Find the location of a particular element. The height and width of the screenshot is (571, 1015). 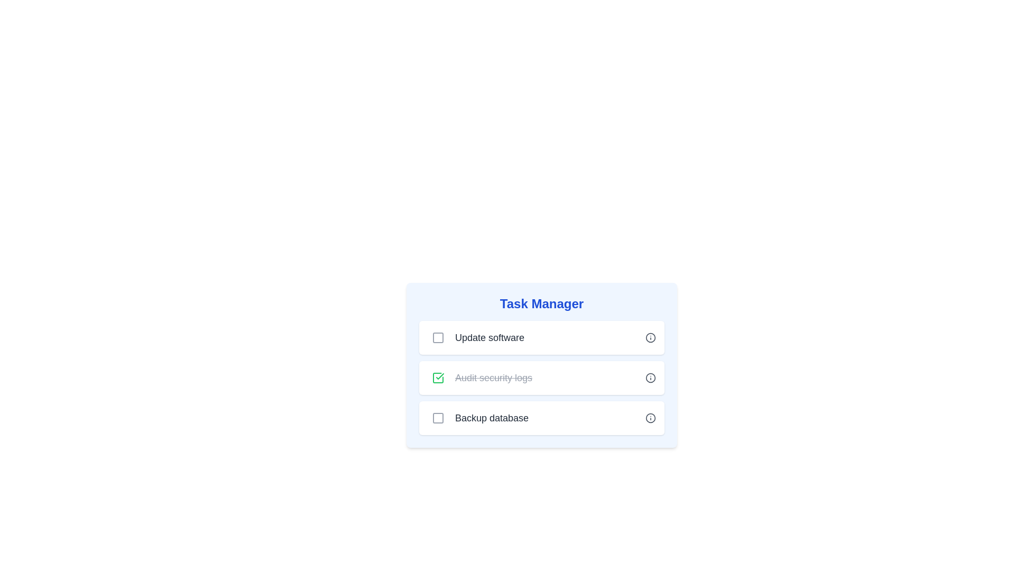

the third checkbox in the task management panel is located at coordinates (438, 417).